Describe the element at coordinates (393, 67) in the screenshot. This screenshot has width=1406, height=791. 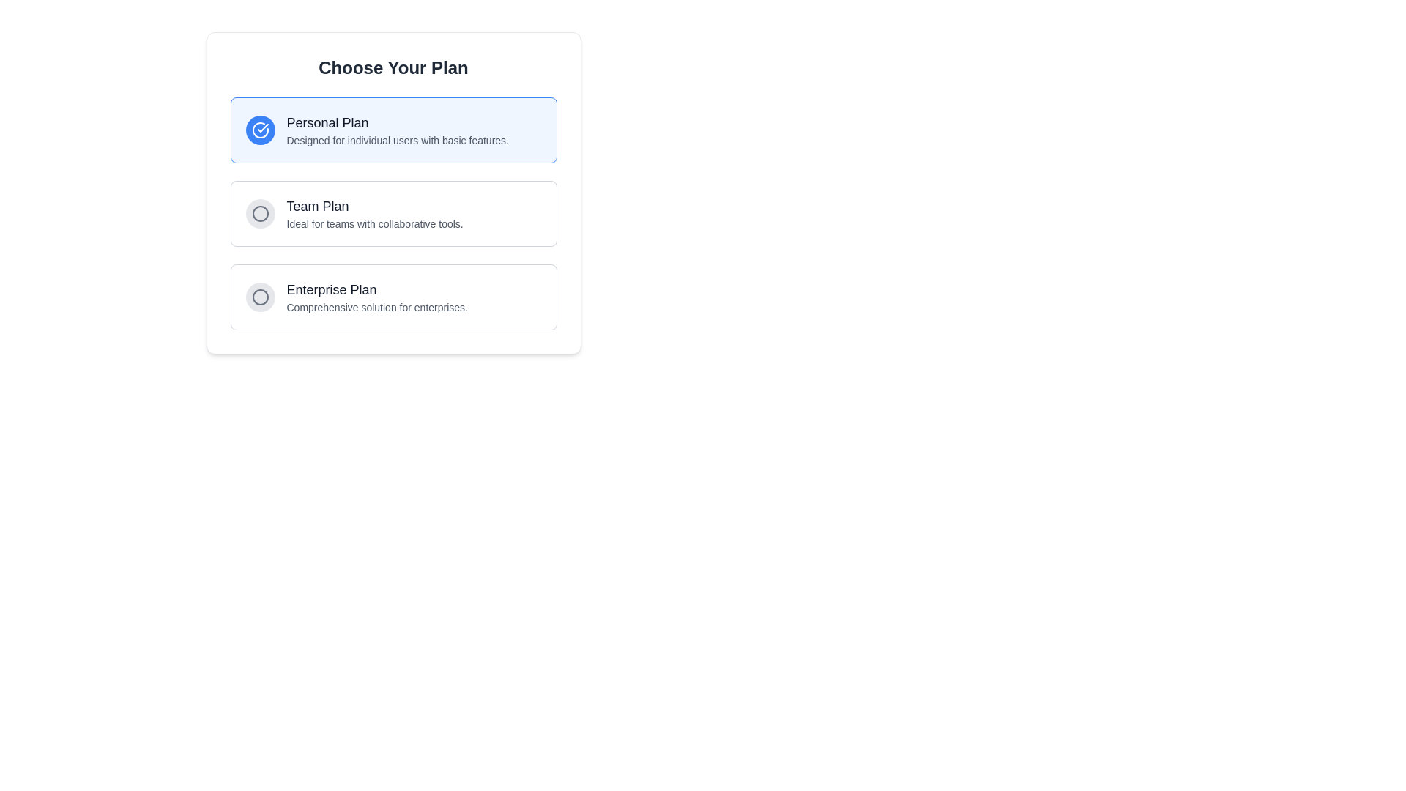
I see `the heading element that serves as the title for the section, indicating that the following content pertains to selecting a plan` at that location.